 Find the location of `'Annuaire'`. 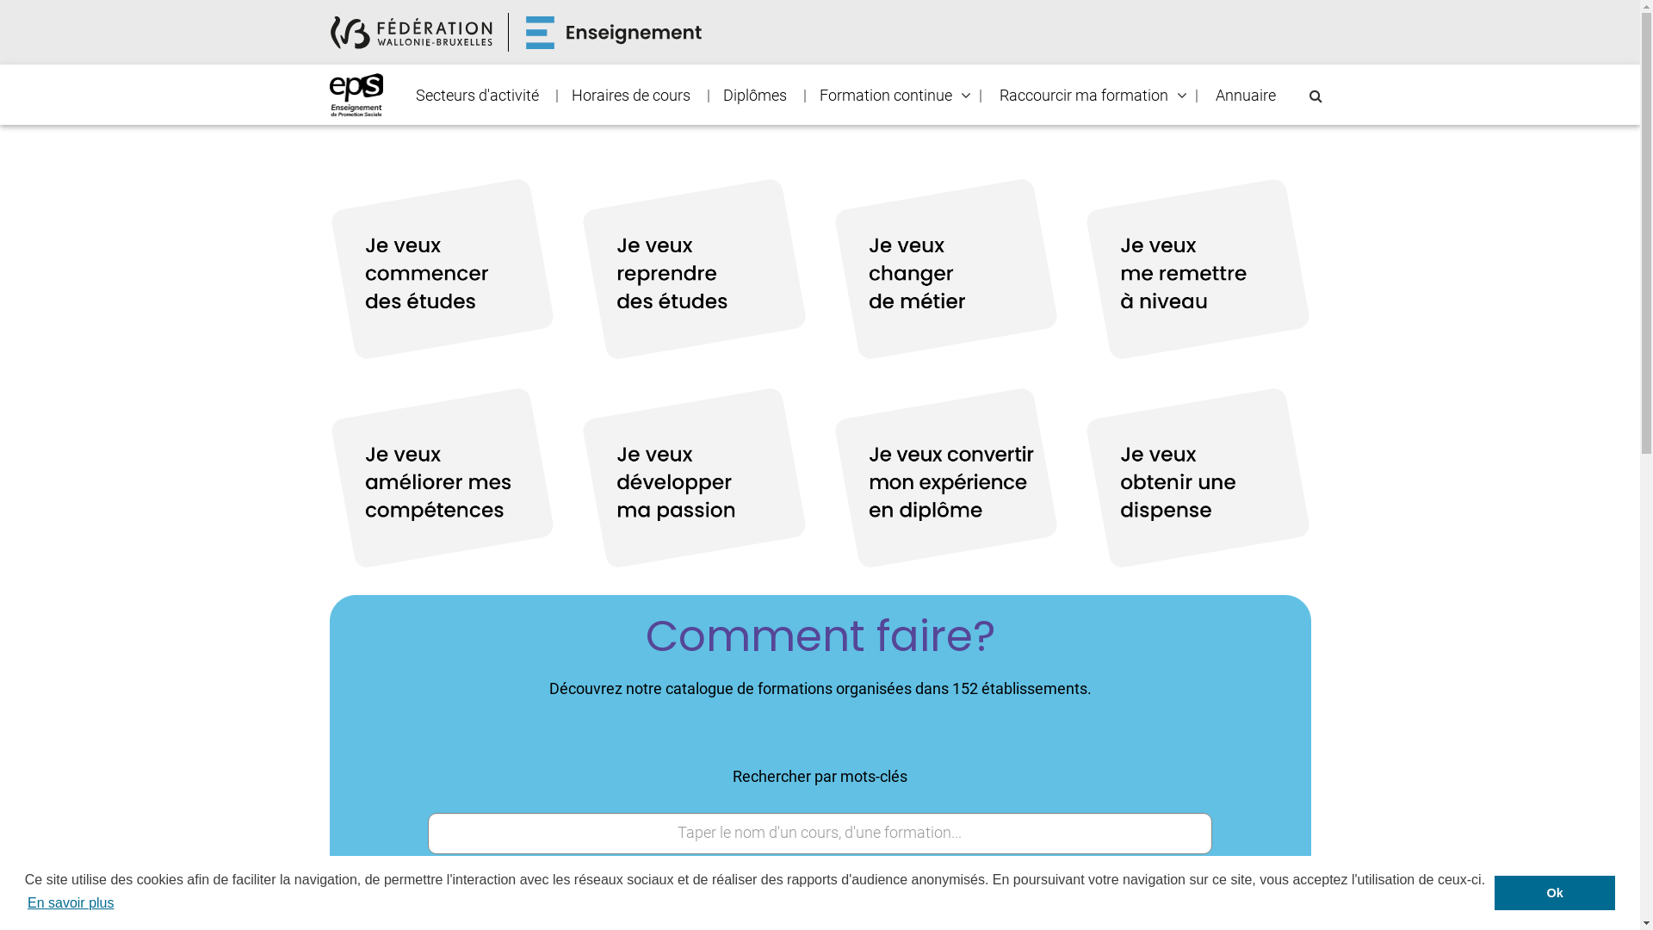

'Annuaire' is located at coordinates (1244, 96).